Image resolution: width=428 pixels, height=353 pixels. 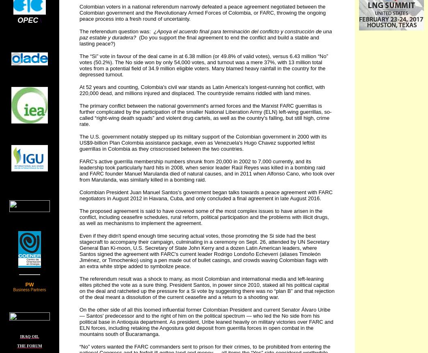 I want to click on 'The referendum result was a shock to many, as most Colombian and international media and left-leaning elites pitched the vote as a sure thing. President Santos, in power since 2010, staked all his political capital on the deal and ratcheted up the pressure for a Si vote by suggesting there was no “plan B” and that rejection of the deal meant a dissolution of the current ceasefire and a return to a shooting war.', so click(x=79, y=288).